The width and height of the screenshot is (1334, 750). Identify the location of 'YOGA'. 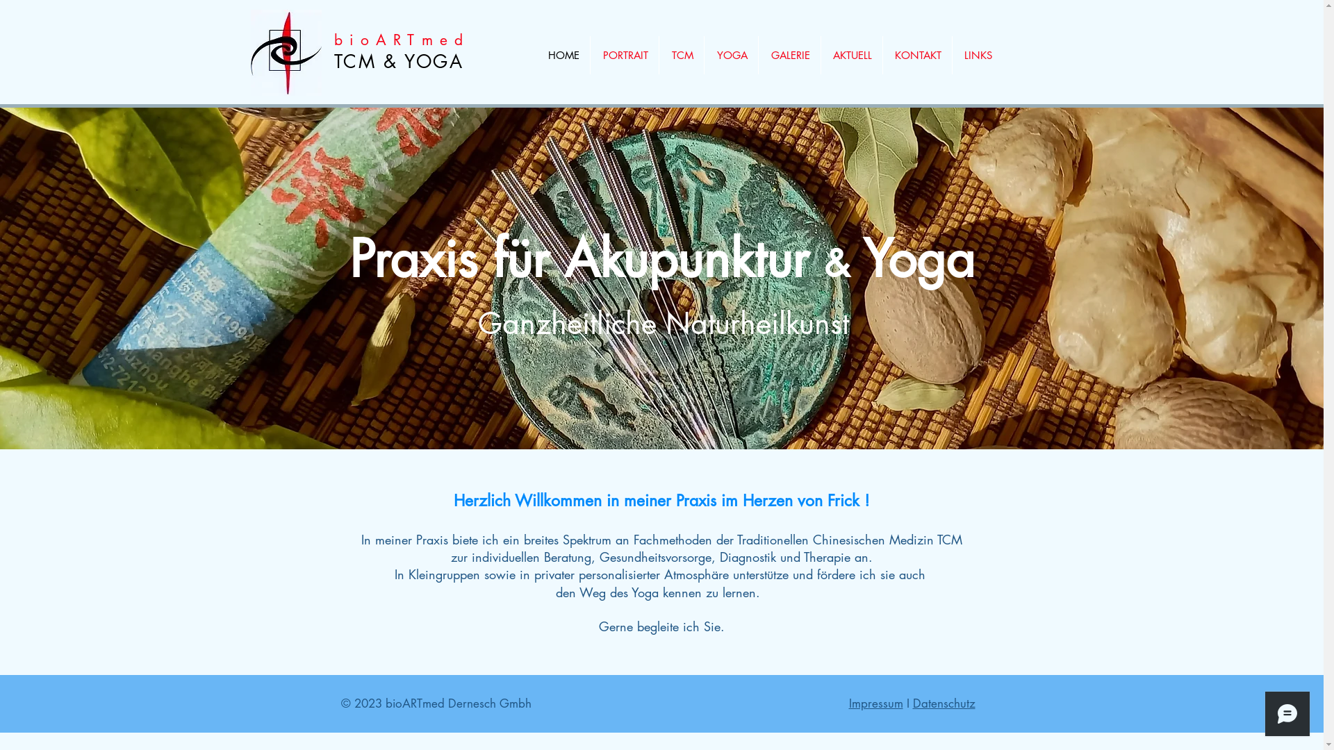
(730, 54).